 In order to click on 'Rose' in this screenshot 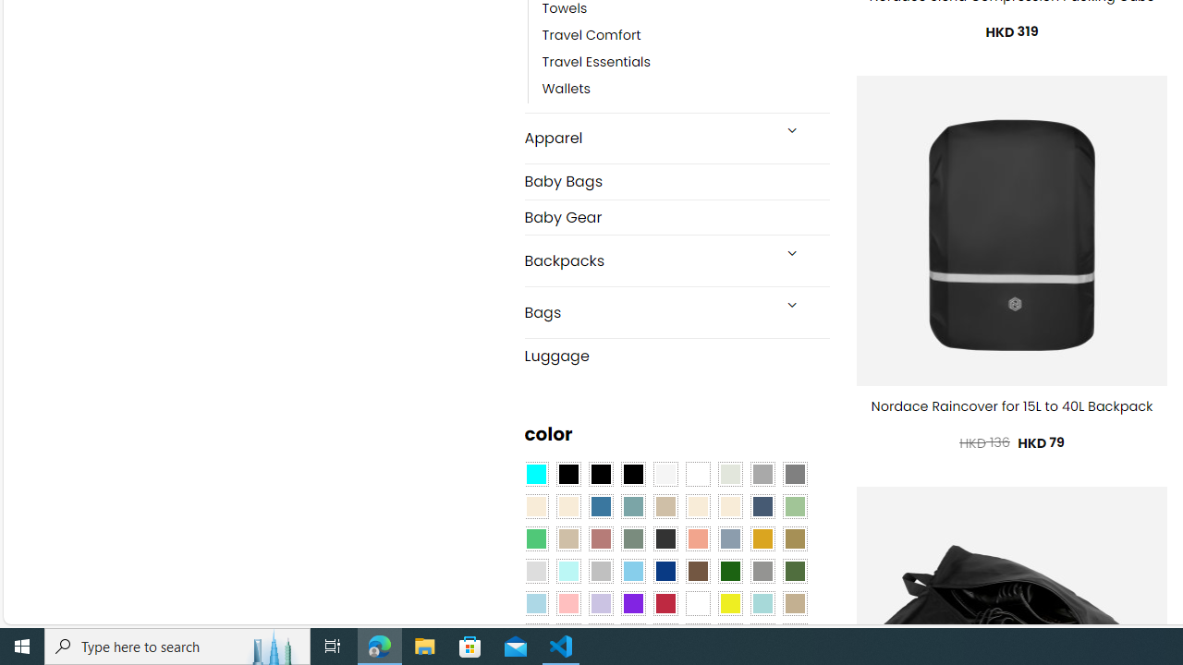, I will do `click(601, 538)`.